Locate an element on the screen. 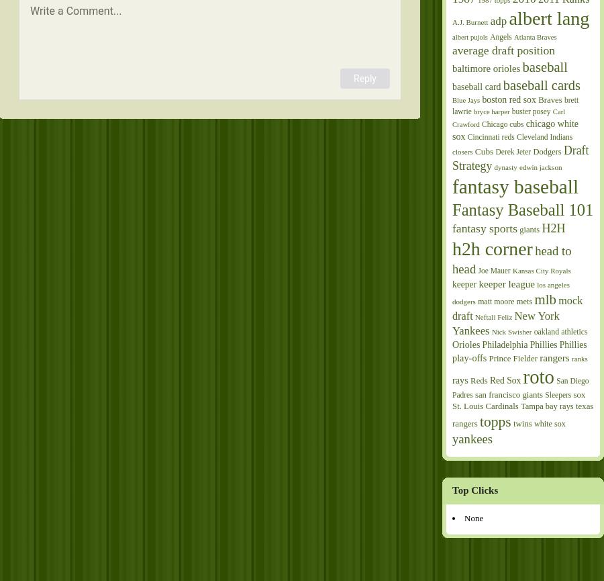 The image size is (604, 581). 'adp' is located at coordinates (497, 21).